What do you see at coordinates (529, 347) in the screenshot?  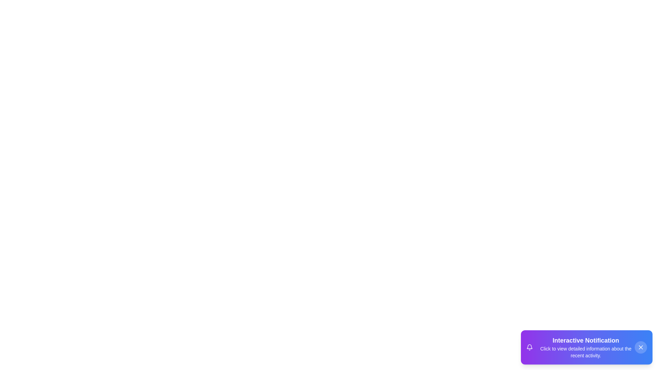 I see `the bell icon to inspect its design` at bounding box center [529, 347].